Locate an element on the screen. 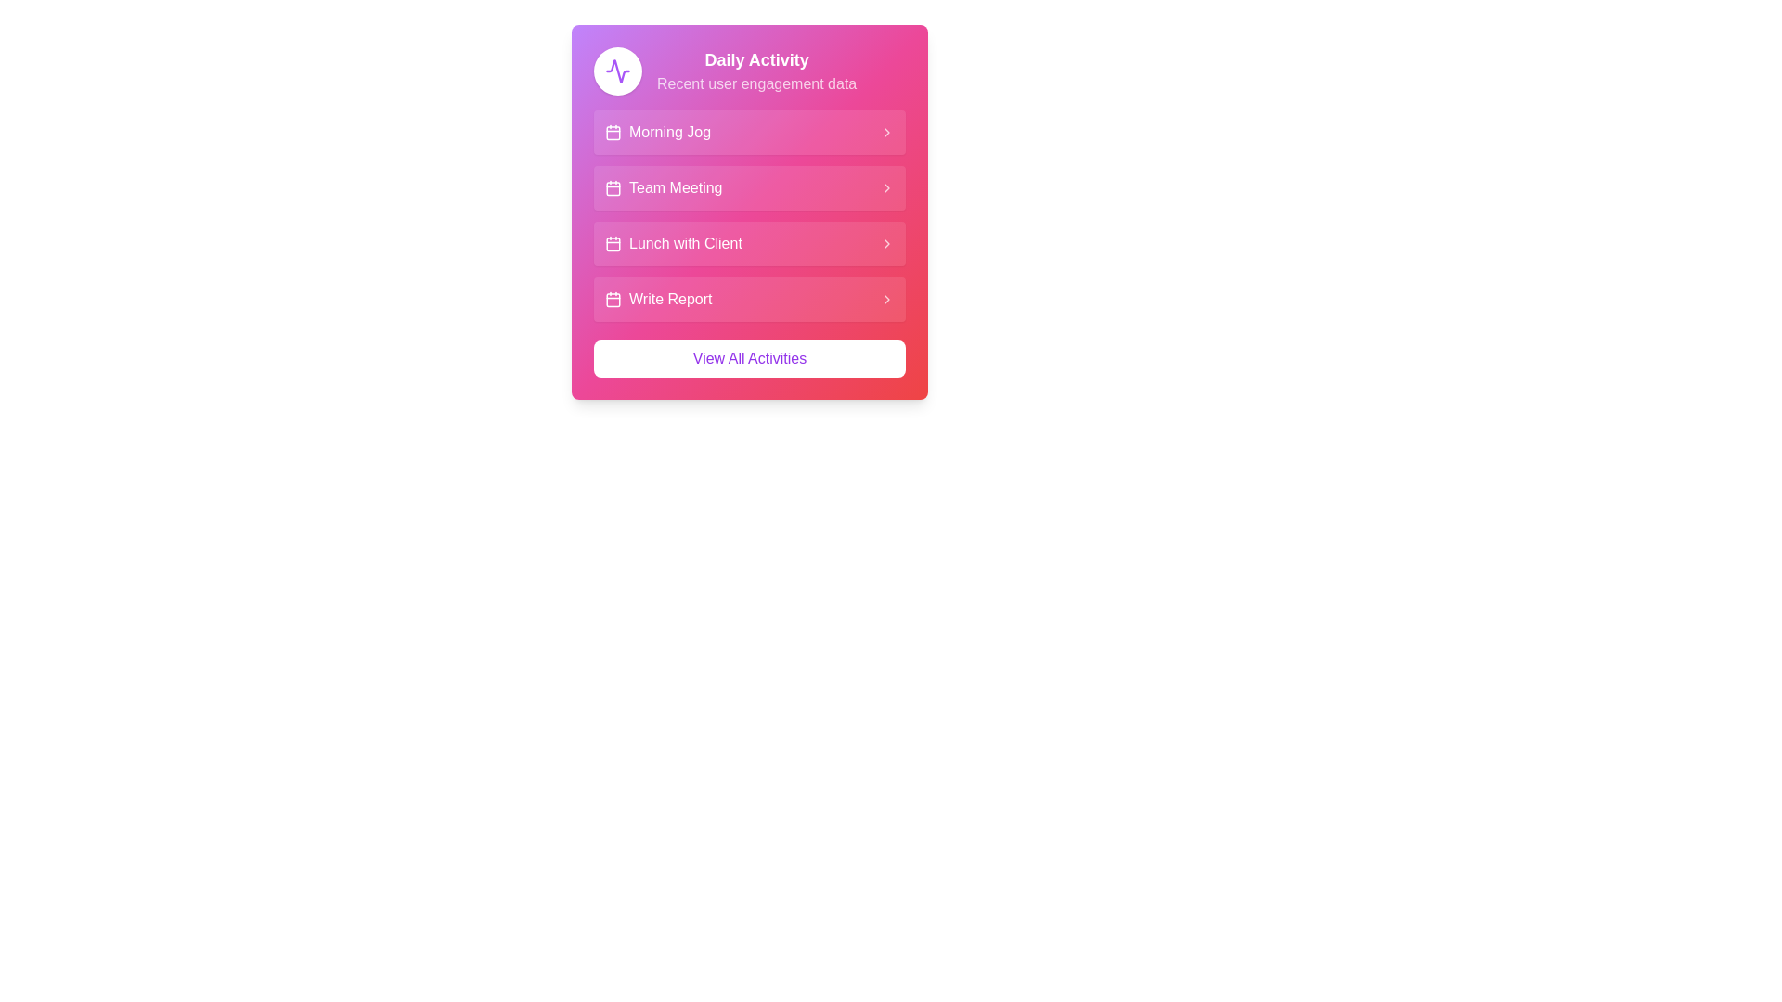 The width and height of the screenshot is (1782, 1002). the circular icon representing activity or analytics in the upper left portion of the 'Daily Activity' card is located at coordinates (618, 71).